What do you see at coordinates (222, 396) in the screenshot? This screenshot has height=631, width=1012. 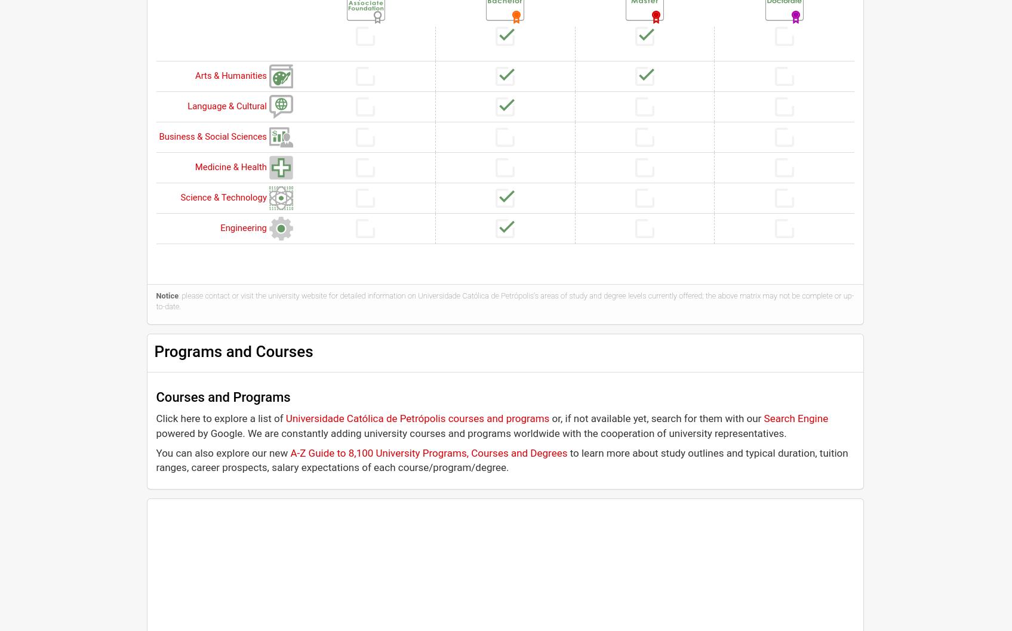 I see `'Courses and Programs'` at bounding box center [222, 396].